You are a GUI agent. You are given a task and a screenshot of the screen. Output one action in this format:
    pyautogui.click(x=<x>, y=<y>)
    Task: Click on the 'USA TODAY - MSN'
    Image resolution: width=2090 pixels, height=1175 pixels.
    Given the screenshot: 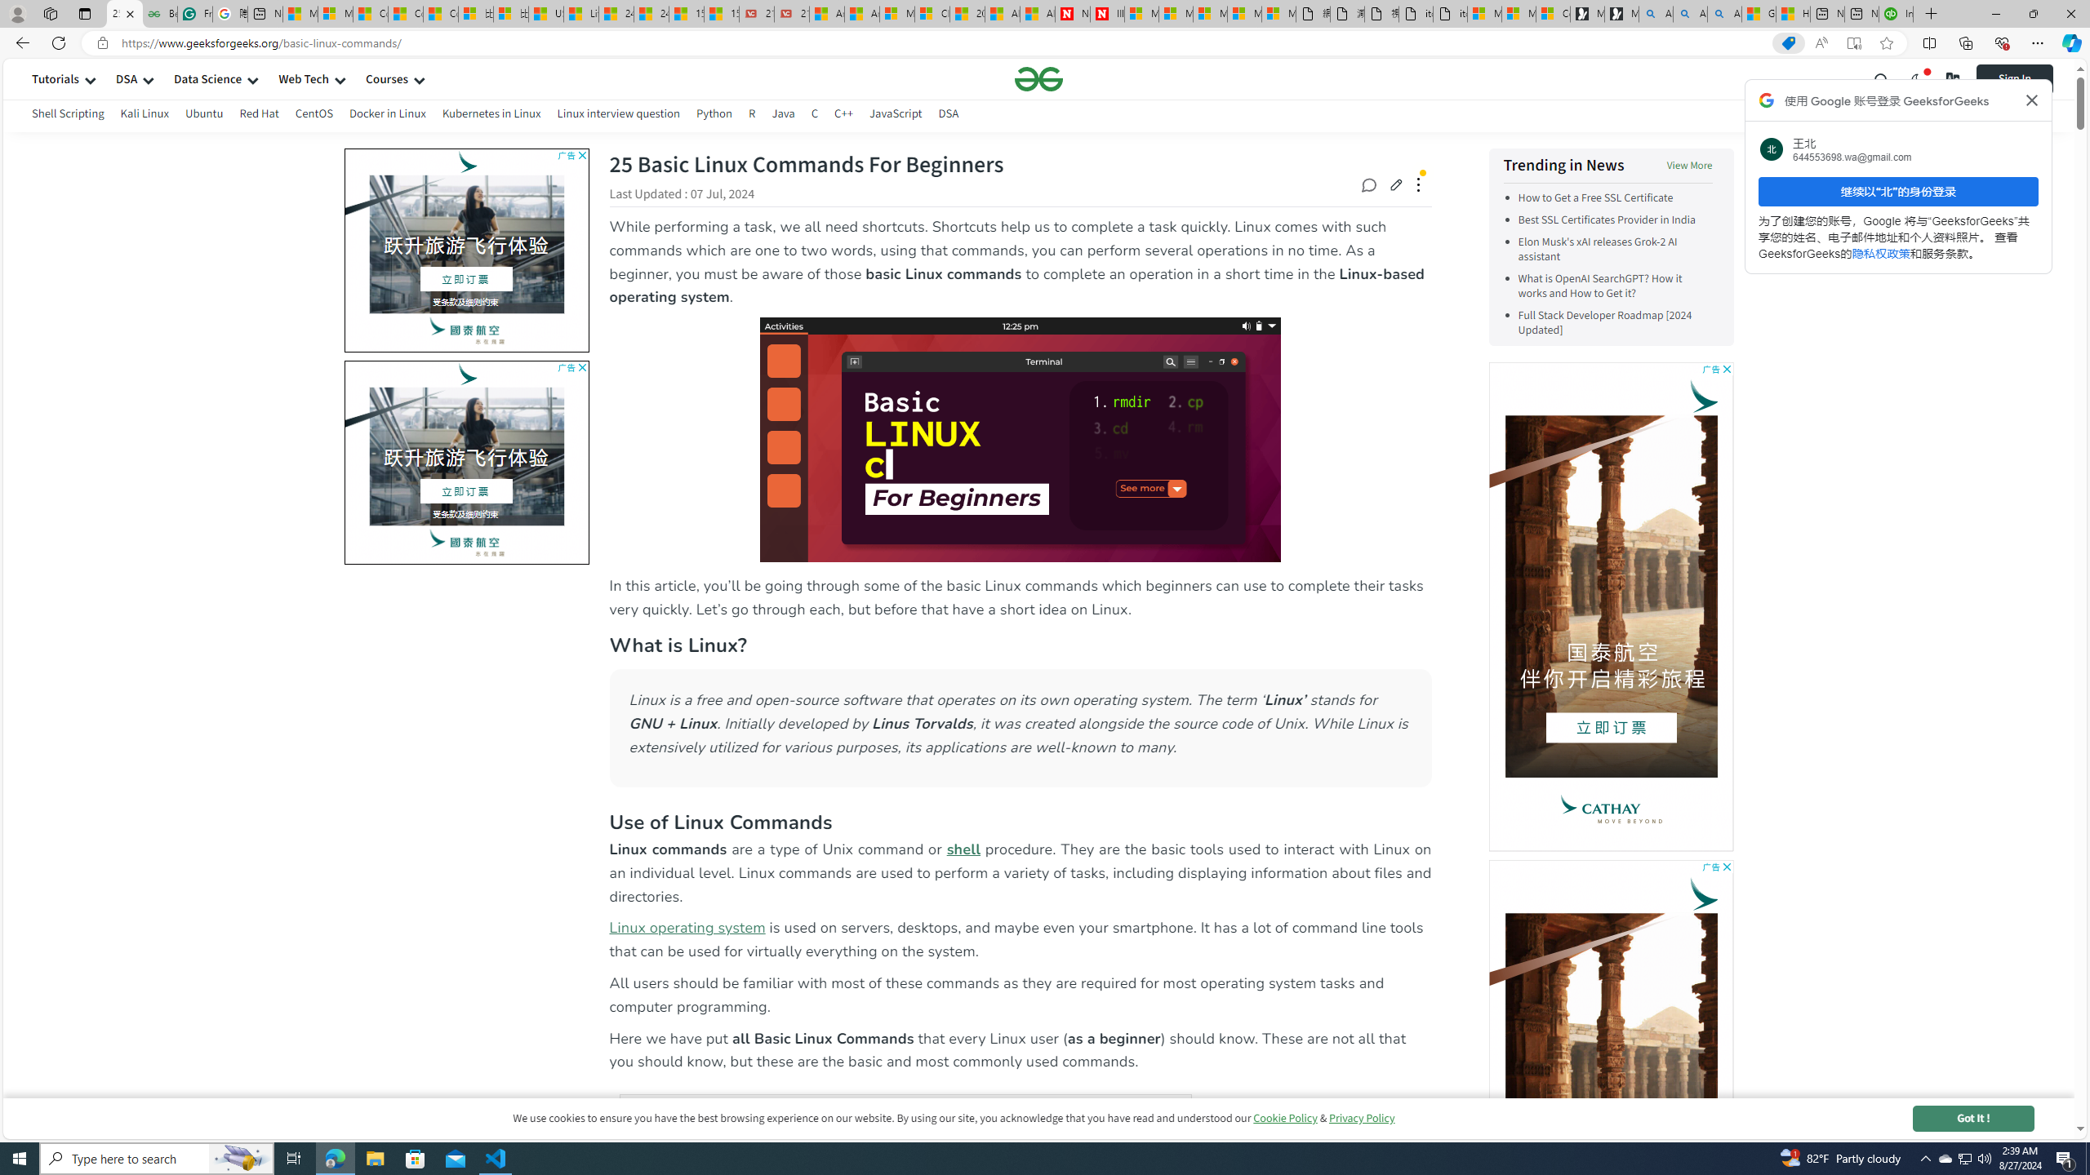 What is the action you would take?
    pyautogui.click(x=545, y=13)
    